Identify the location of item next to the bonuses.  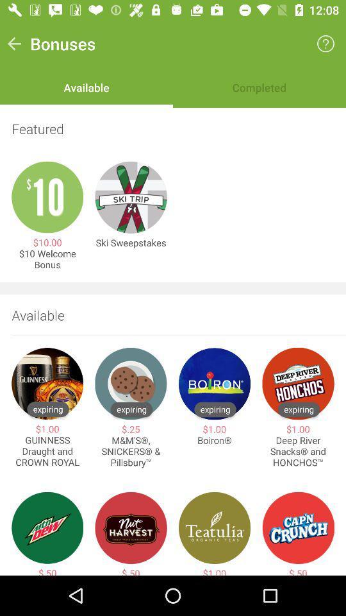
(325, 44).